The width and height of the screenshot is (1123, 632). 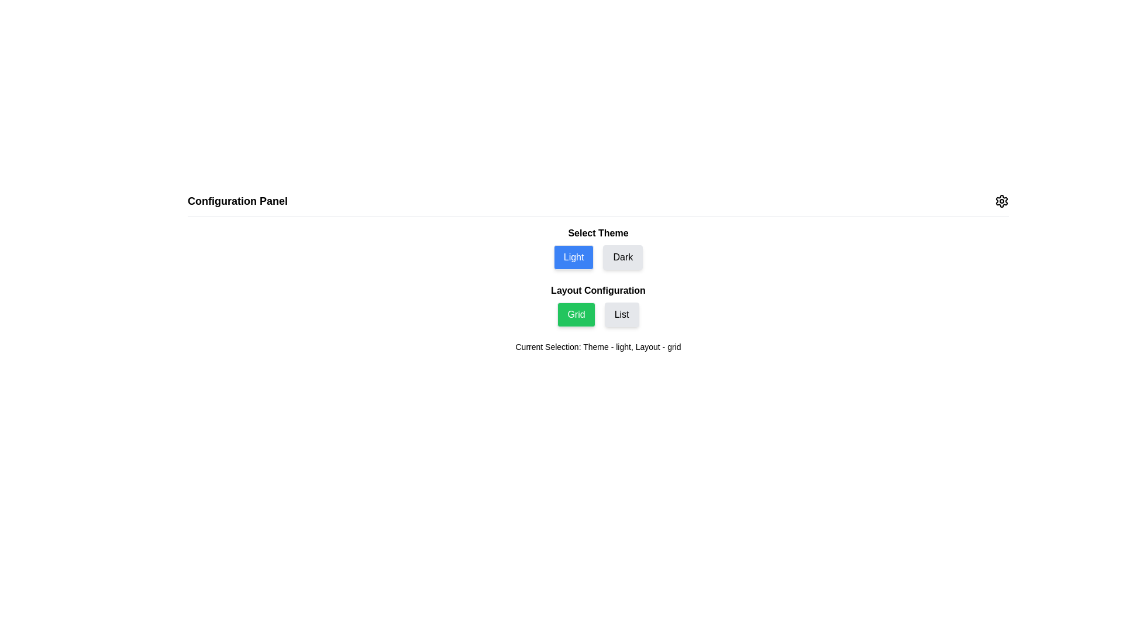 I want to click on the 'Grid' layout configuration button located to the left of the 'List' button in the 'Layout Configuration' section, so click(x=576, y=314).